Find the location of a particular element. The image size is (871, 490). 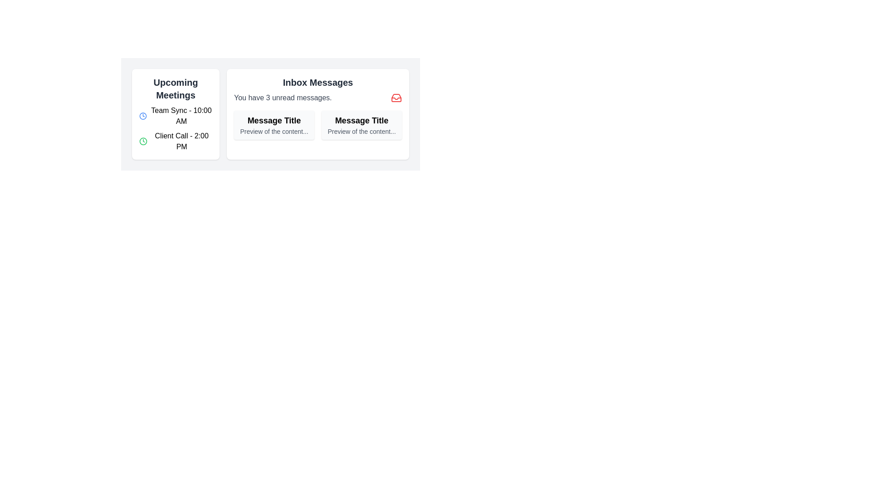

the title Text Label of the content card located in the 'Inbox Messages' section, positioned at the top of the card, right above the secondary text labeled 'Preview of the content...' is located at coordinates (361, 120).